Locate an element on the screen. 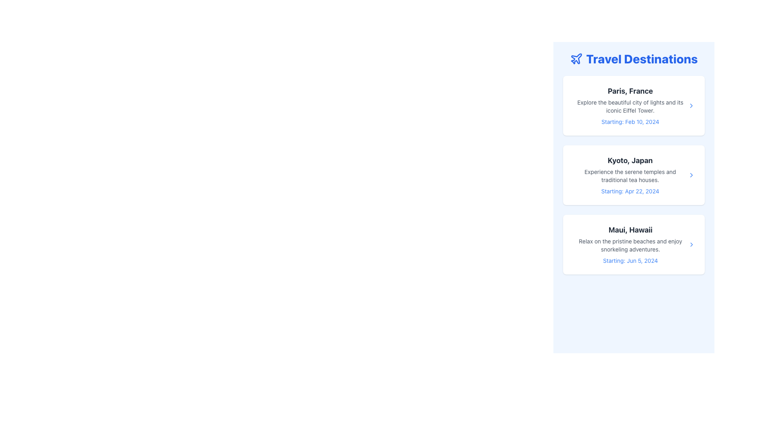 The height and width of the screenshot is (436, 775). the chevron icon located on the right side of the 'Kyoto, Japan' card in the 'Travel Destinations' list is located at coordinates (691, 175).